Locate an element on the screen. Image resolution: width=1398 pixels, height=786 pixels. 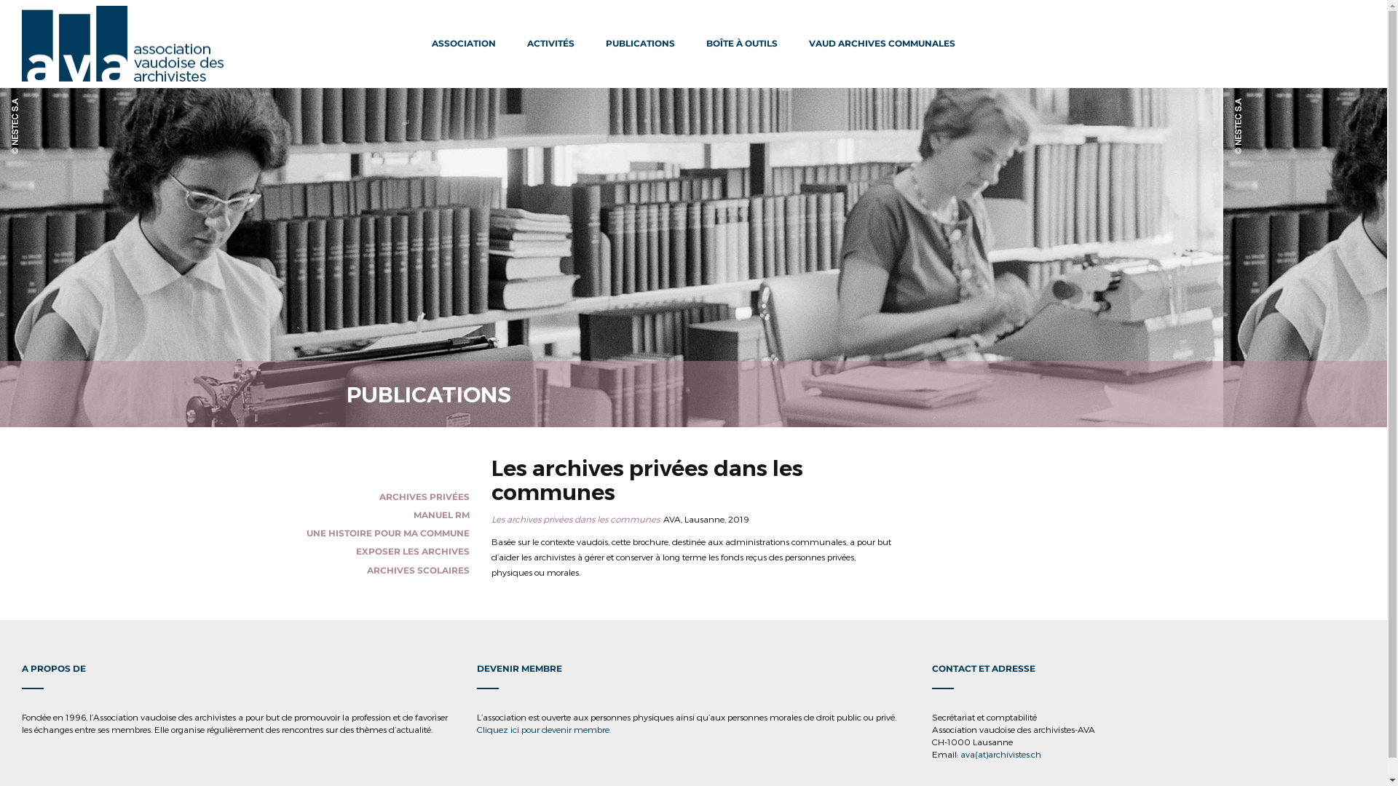
'UNE HISTOIRE POUR MA COMMUNE' is located at coordinates (387, 533).